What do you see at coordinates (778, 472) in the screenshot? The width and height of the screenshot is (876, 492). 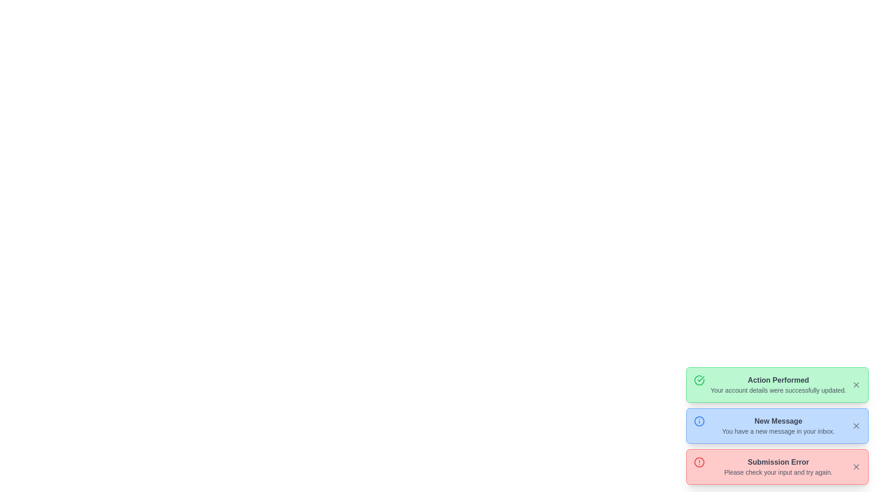 I see `the displayed error message 'Please check your input and try again.' located in the pink notification card beneath 'Submission Error'` at bounding box center [778, 472].